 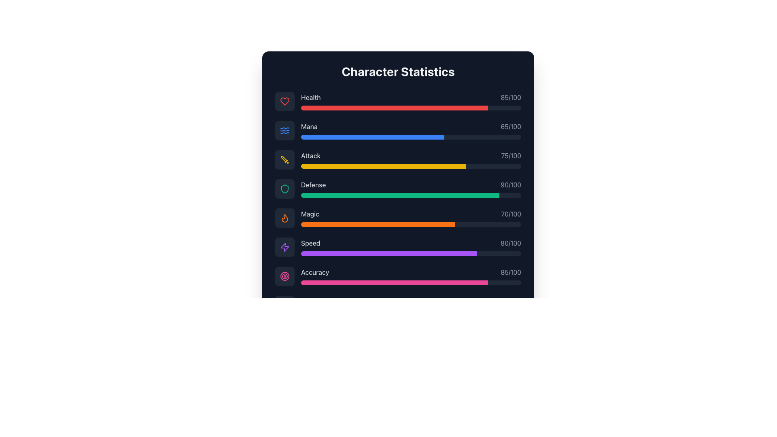 What do you see at coordinates (285, 101) in the screenshot?
I see `the heart icon representing the 'Health' statistic, located in the first row of icons in the left column` at bounding box center [285, 101].